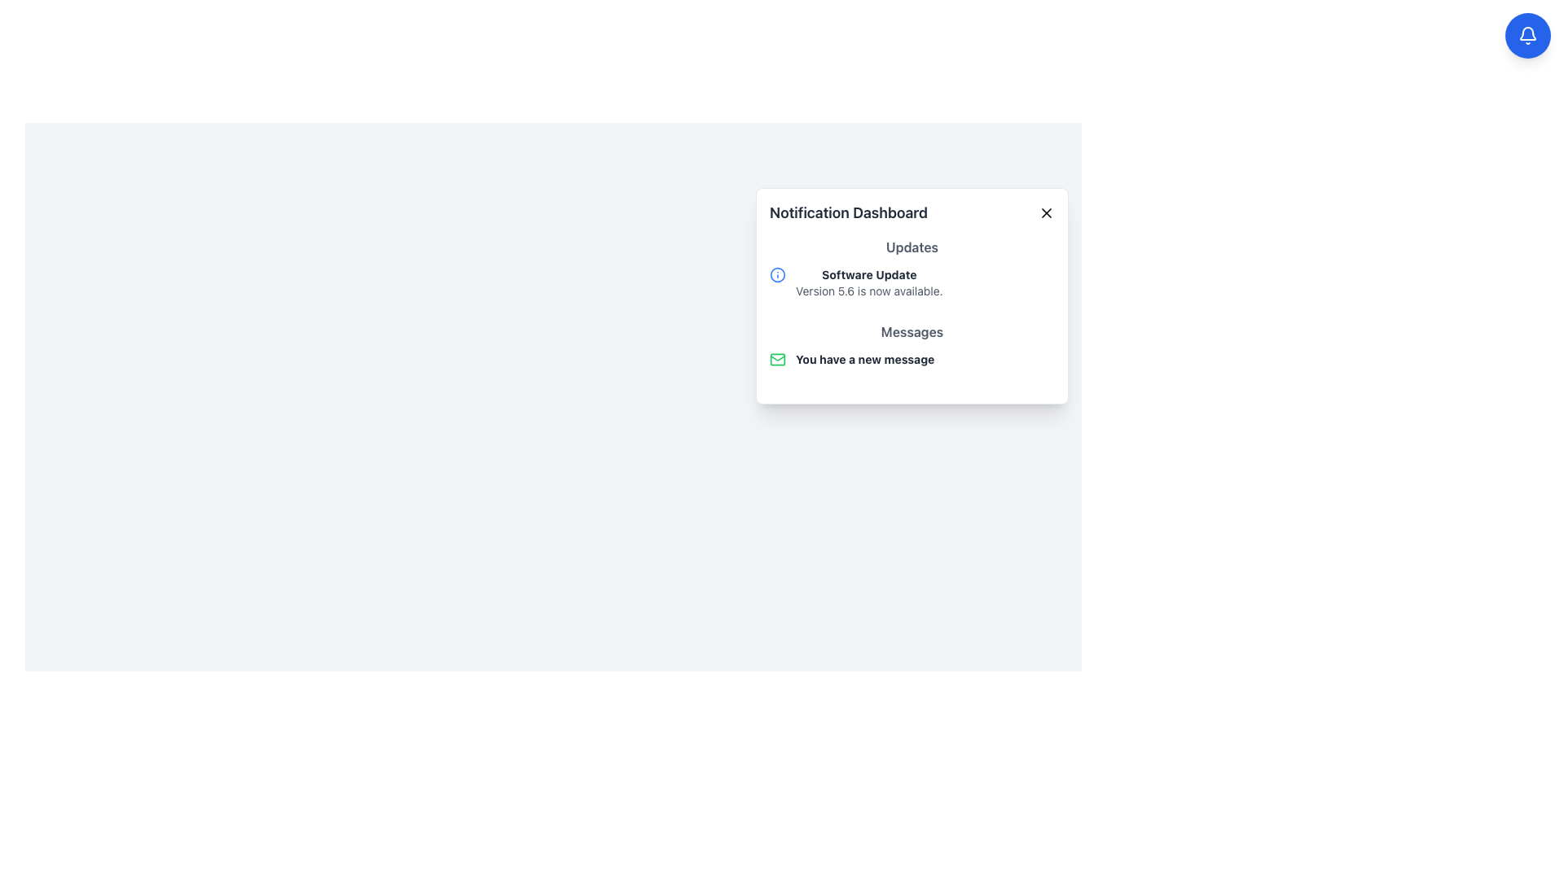  Describe the element at coordinates (868, 274) in the screenshot. I see `the Text Label that serves as the title for the software update notification, located below the 'Updates' header and above the 'Version 5.6 is now available' text` at that location.